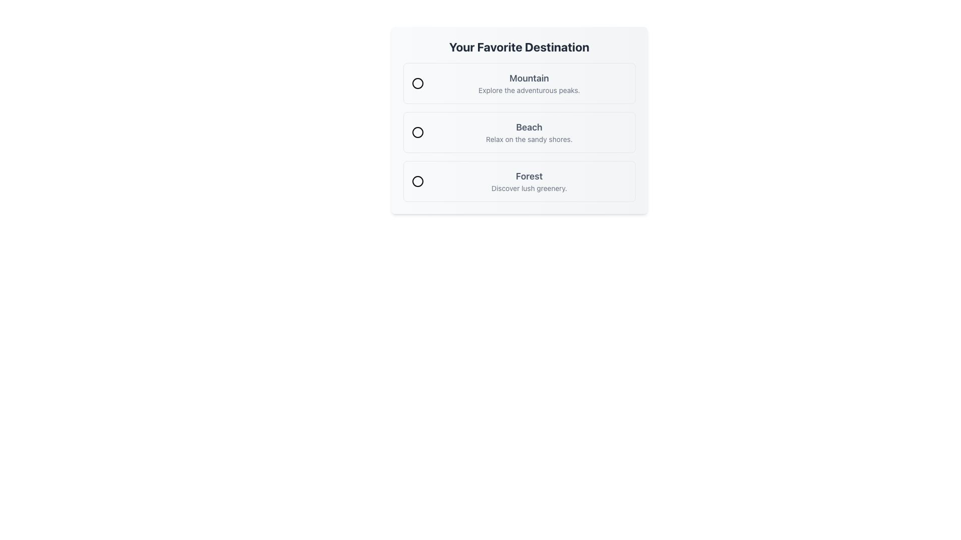 The image size is (961, 540). What do you see at coordinates (529, 188) in the screenshot?
I see `the text element that reads 'Discover lush greenery.' positioned below the 'Forest' label in the destination options list` at bounding box center [529, 188].